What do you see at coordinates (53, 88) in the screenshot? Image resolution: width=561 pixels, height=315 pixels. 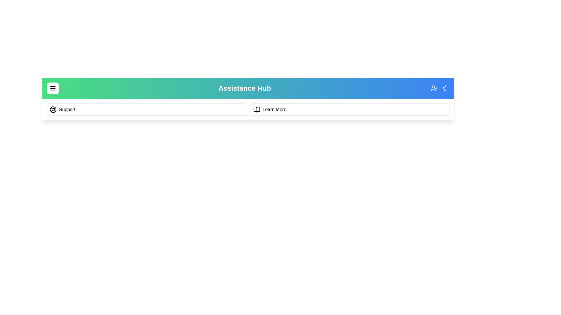 I see `the menu button to toggle the menu` at bounding box center [53, 88].